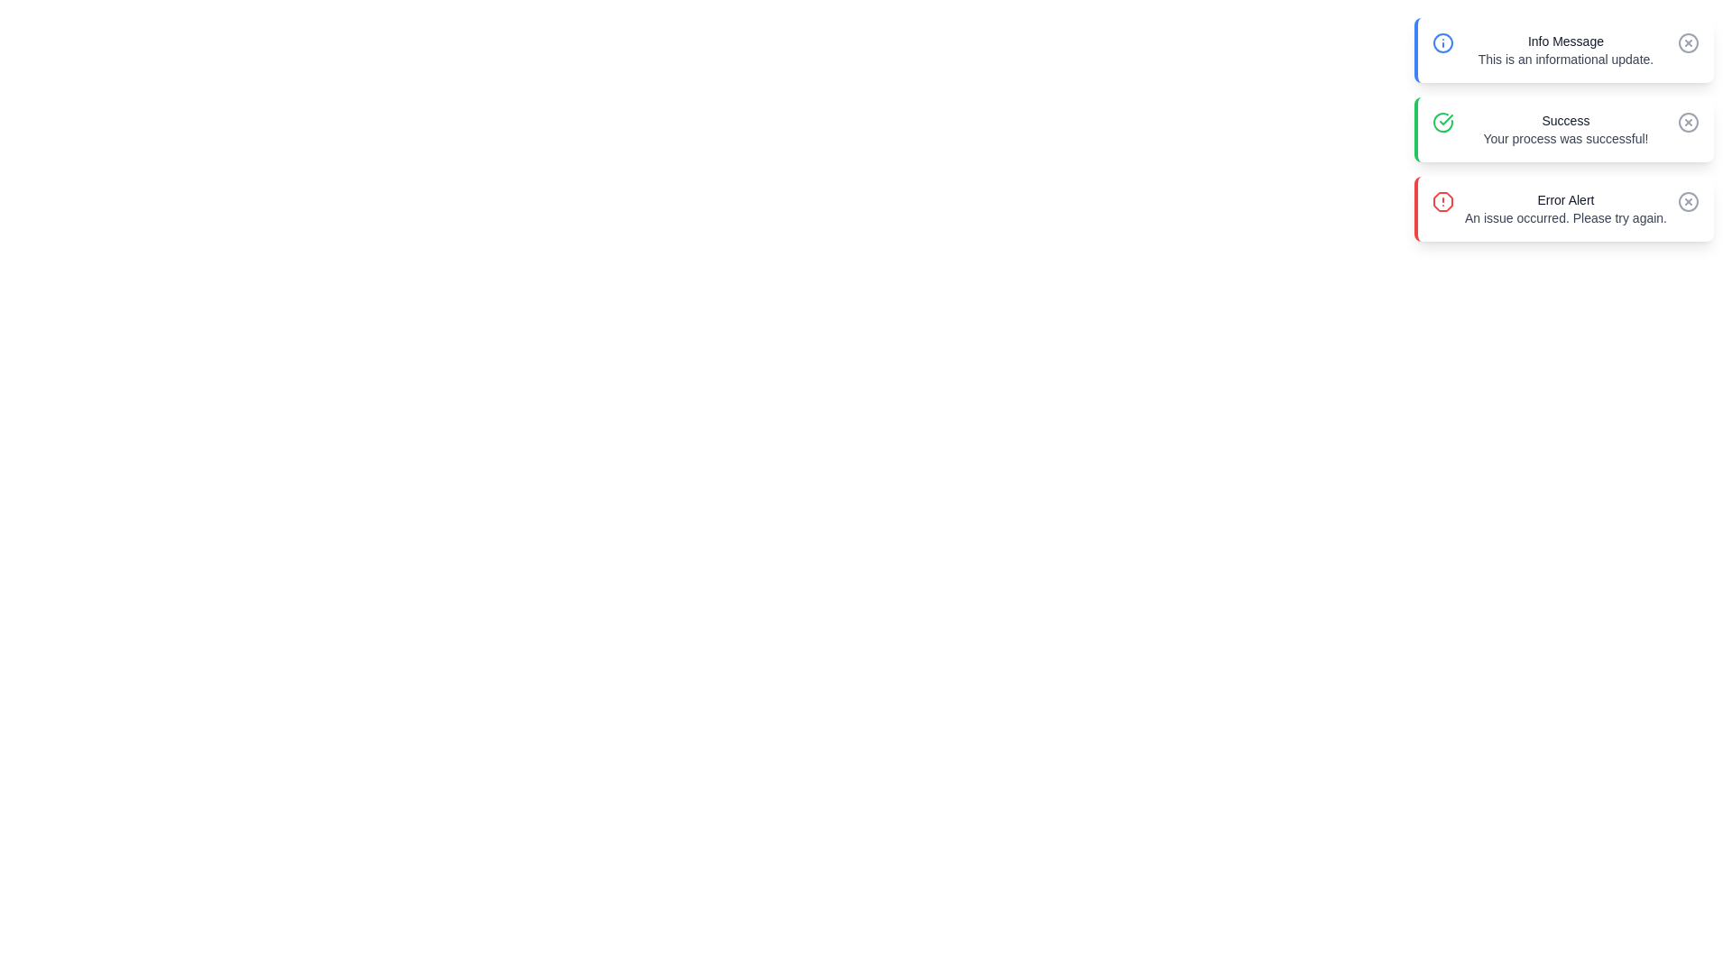 This screenshot has height=974, width=1732. What do you see at coordinates (1564, 207) in the screenshot?
I see `the text display element that informs the user about an error, located in the bottom-right corner of the message boxes` at bounding box center [1564, 207].